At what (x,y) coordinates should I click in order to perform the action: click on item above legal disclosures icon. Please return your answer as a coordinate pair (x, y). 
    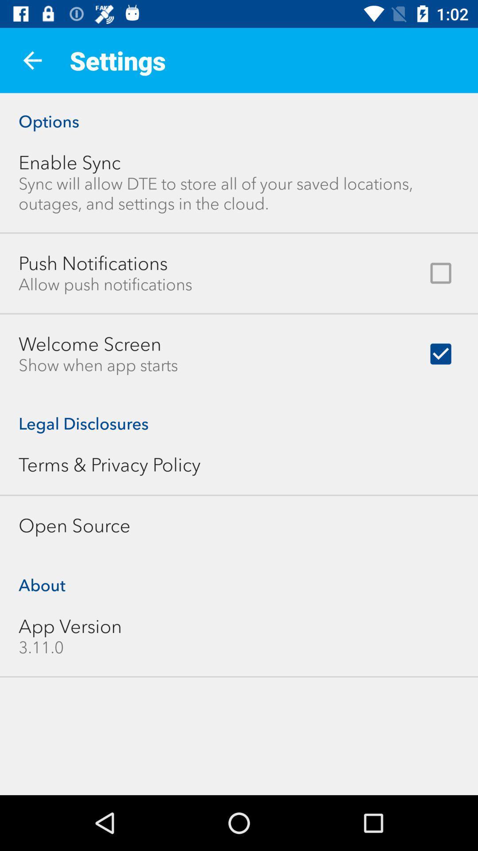
    Looking at the image, I should click on (98, 365).